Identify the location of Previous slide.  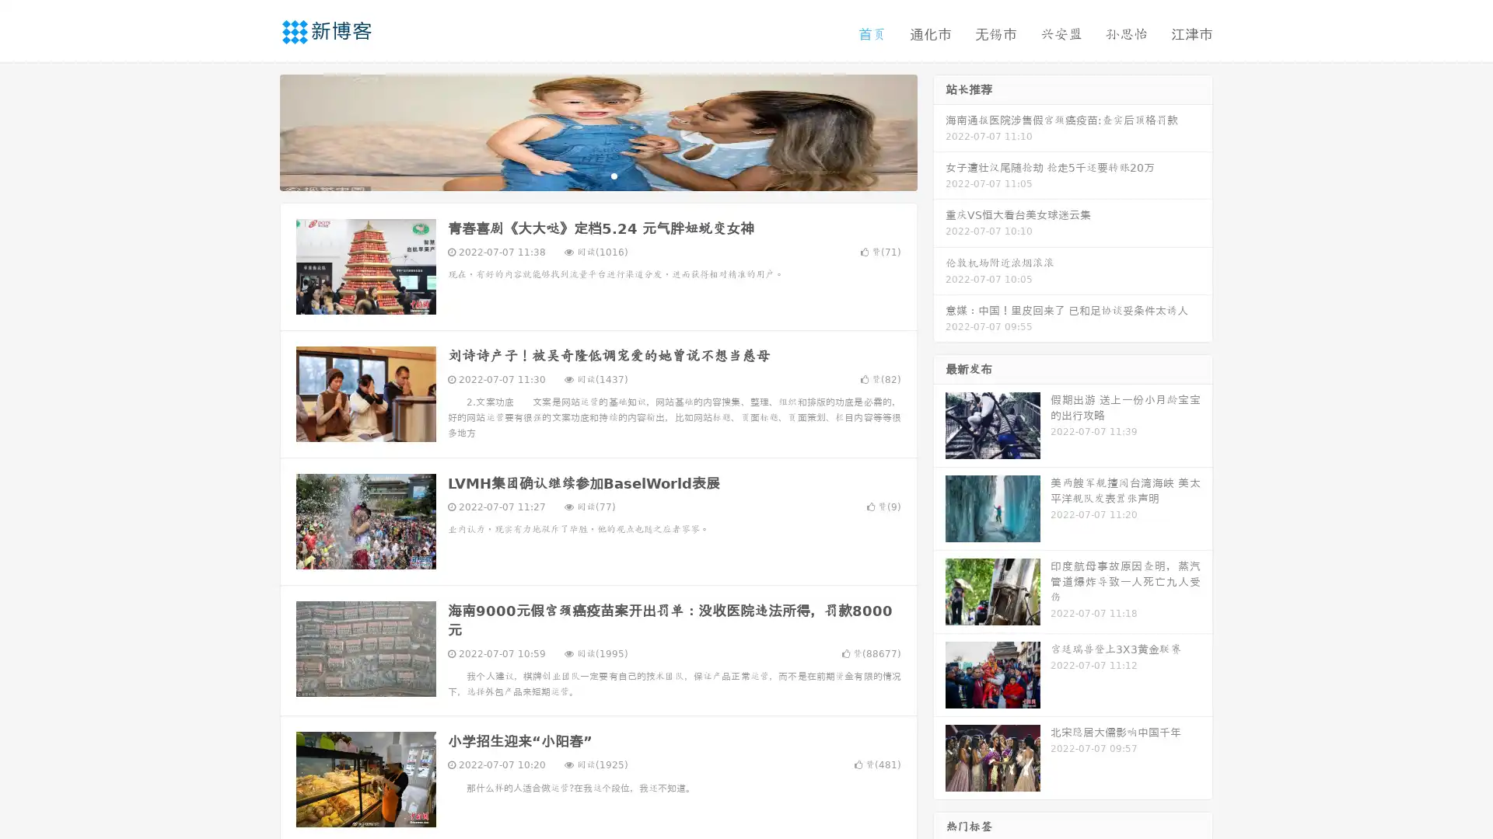
(257, 131).